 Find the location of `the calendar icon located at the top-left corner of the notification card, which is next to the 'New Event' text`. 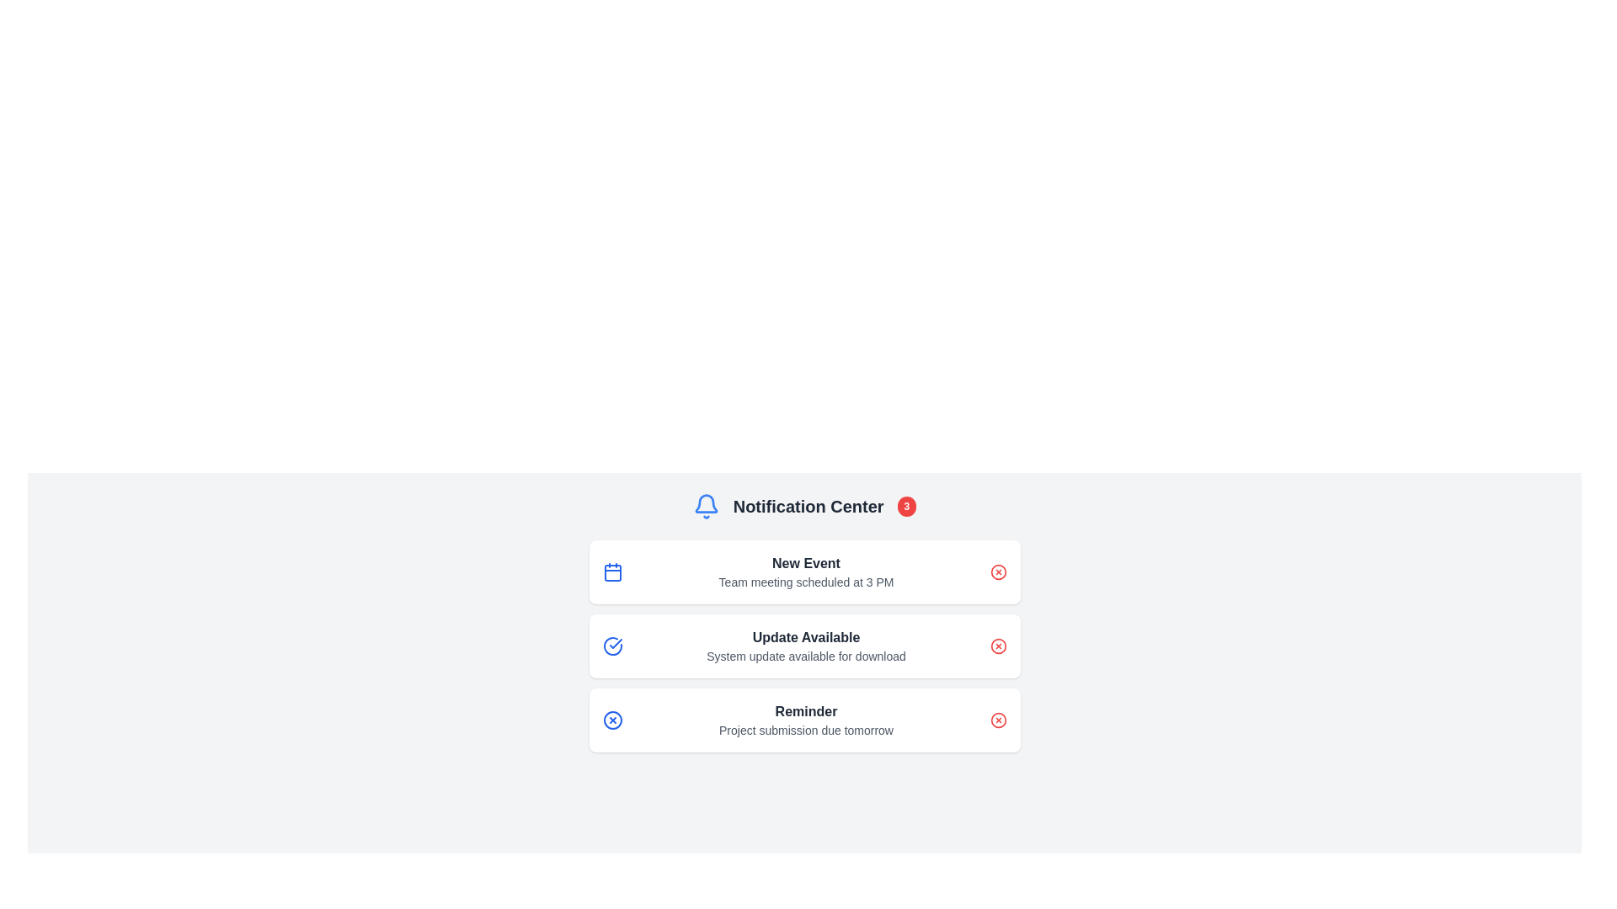

the calendar icon located at the top-left corner of the notification card, which is next to the 'New Event' text is located at coordinates (611, 571).